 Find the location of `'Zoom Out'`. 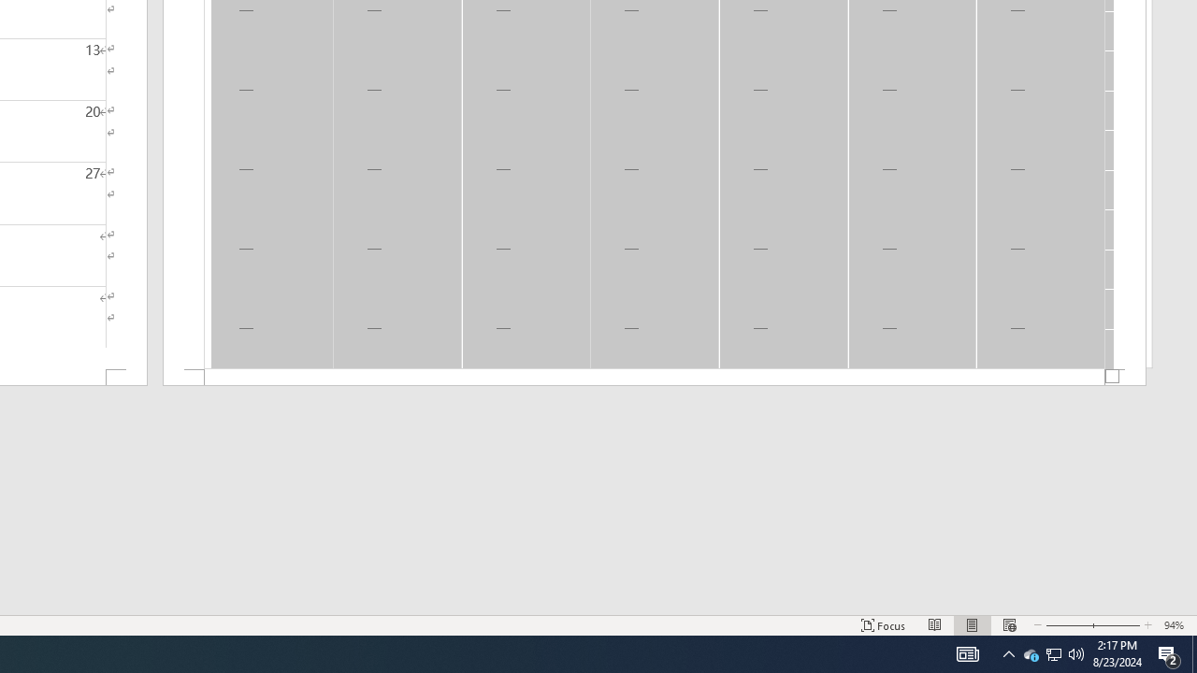

'Zoom Out' is located at coordinates (1067, 625).